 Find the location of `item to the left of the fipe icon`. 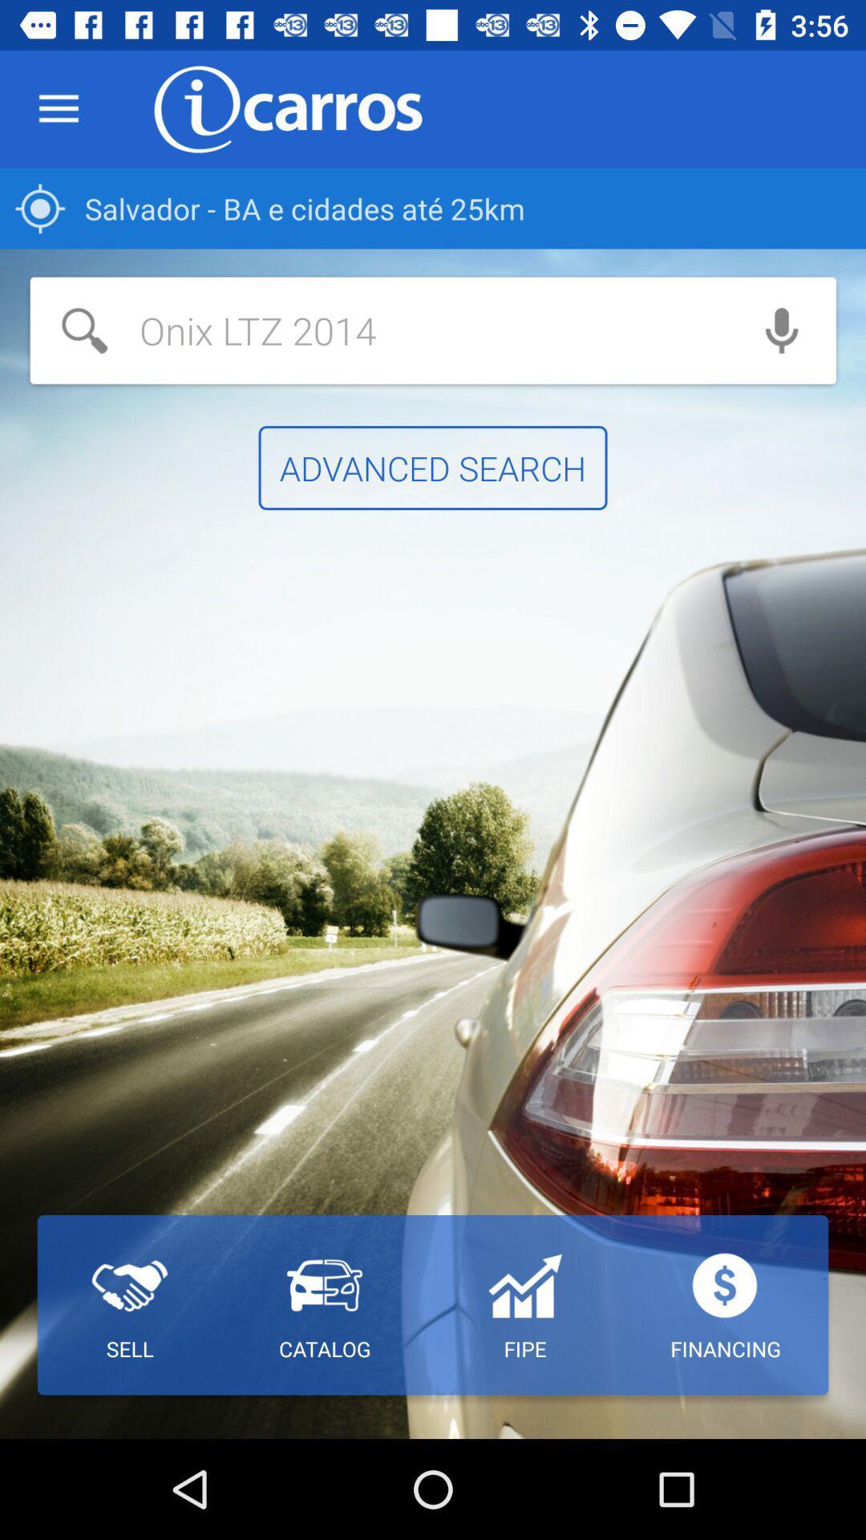

item to the left of the fipe icon is located at coordinates (325, 1305).